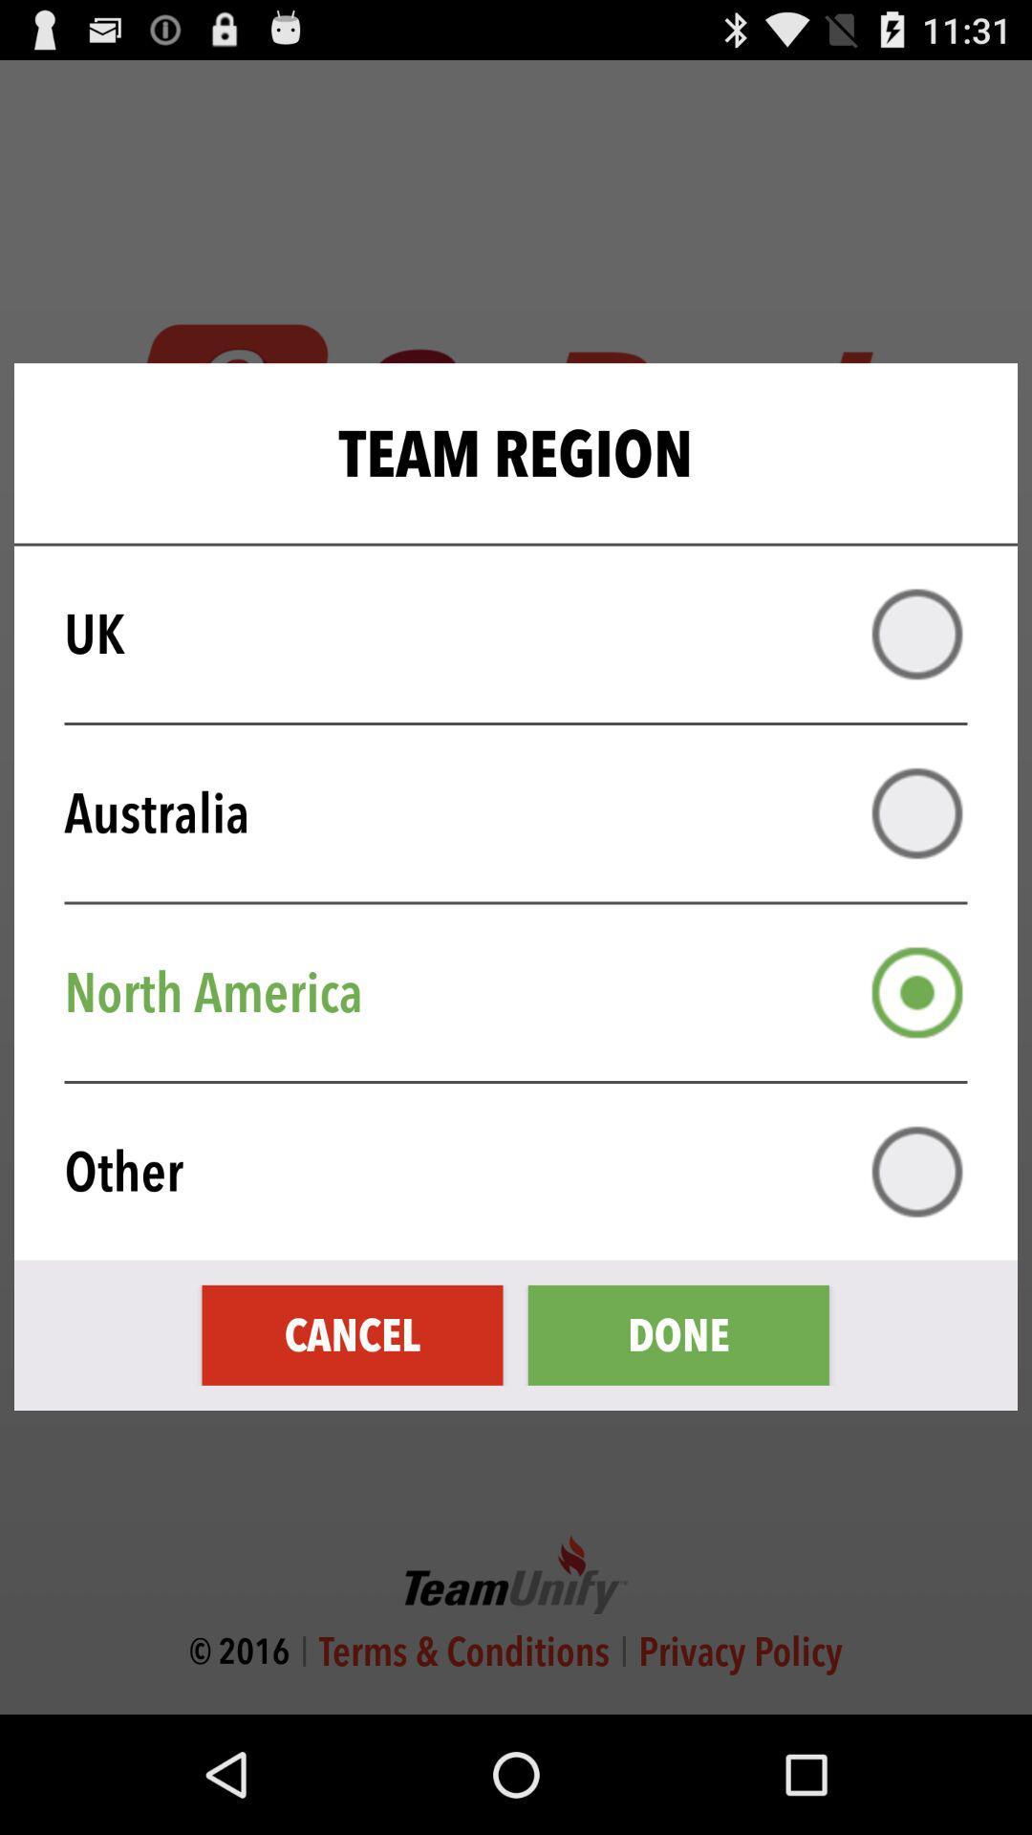 The image size is (1032, 1835). I want to click on done, so click(677, 1334).